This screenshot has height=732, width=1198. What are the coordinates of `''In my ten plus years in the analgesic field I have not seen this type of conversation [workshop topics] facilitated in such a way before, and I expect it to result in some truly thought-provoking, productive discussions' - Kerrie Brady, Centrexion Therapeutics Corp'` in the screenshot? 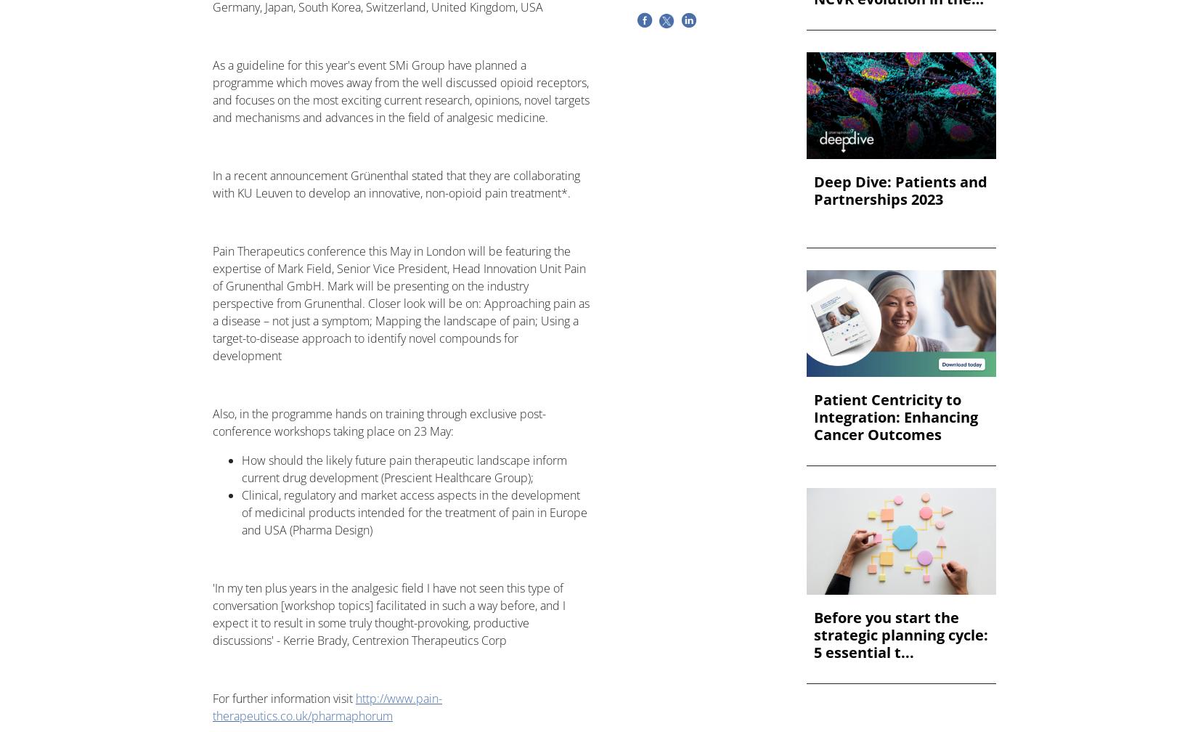 It's located at (213, 614).